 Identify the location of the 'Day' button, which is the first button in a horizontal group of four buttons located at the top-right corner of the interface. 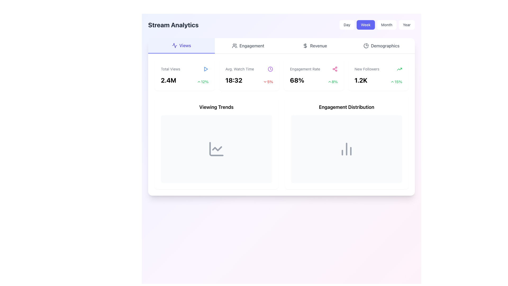
(347, 25).